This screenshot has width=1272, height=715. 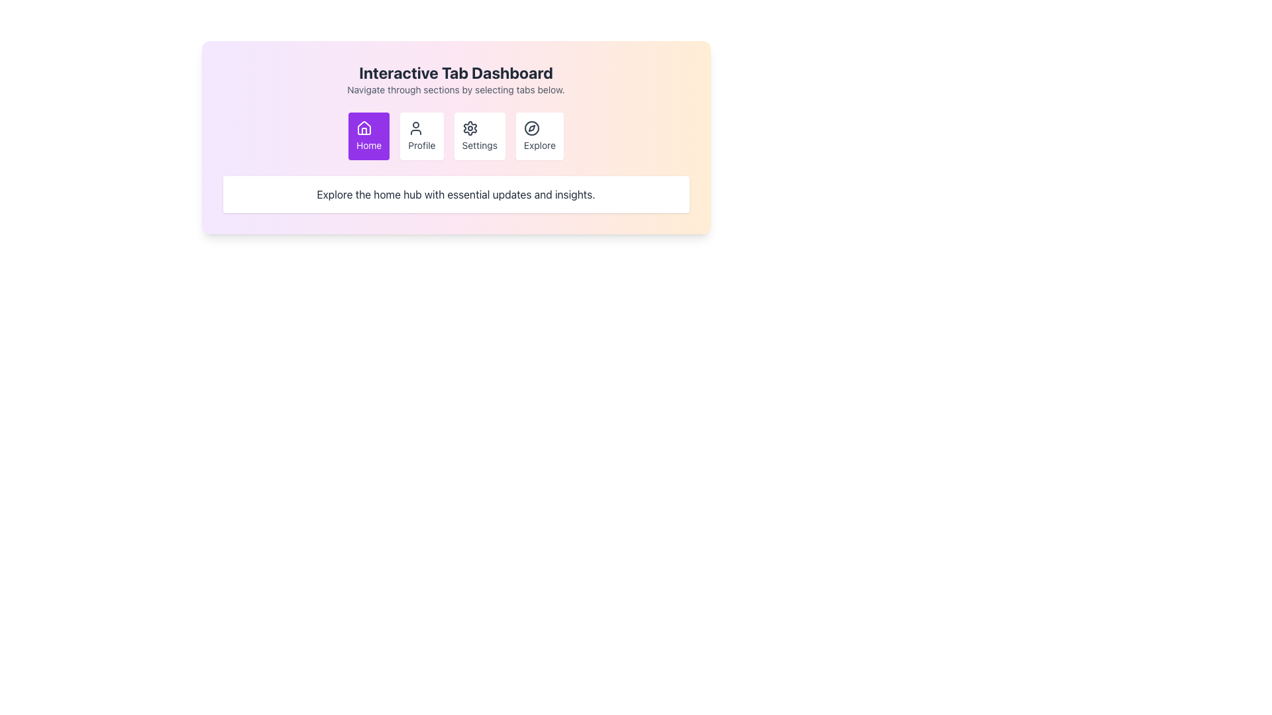 What do you see at coordinates (364, 128) in the screenshot?
I see `the 'Home' button icon, which is the first button from the left in the navigation options at the top-center of the interface` at bounding box center [364, 128].